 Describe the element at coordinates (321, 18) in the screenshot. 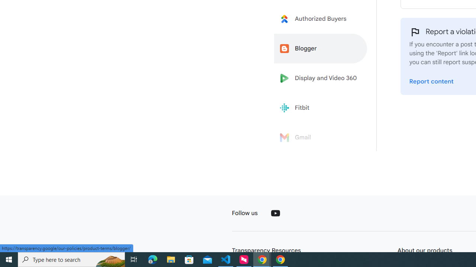

I see `'Learn more about Authorized Buyers'` at that location.